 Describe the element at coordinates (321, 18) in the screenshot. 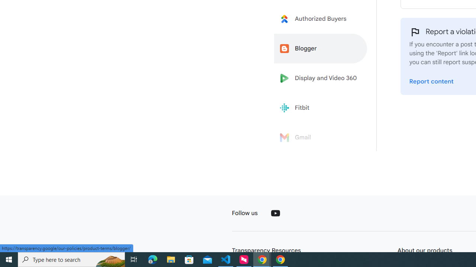

I see `'Learn more about Authorized Buyers'` at that location.